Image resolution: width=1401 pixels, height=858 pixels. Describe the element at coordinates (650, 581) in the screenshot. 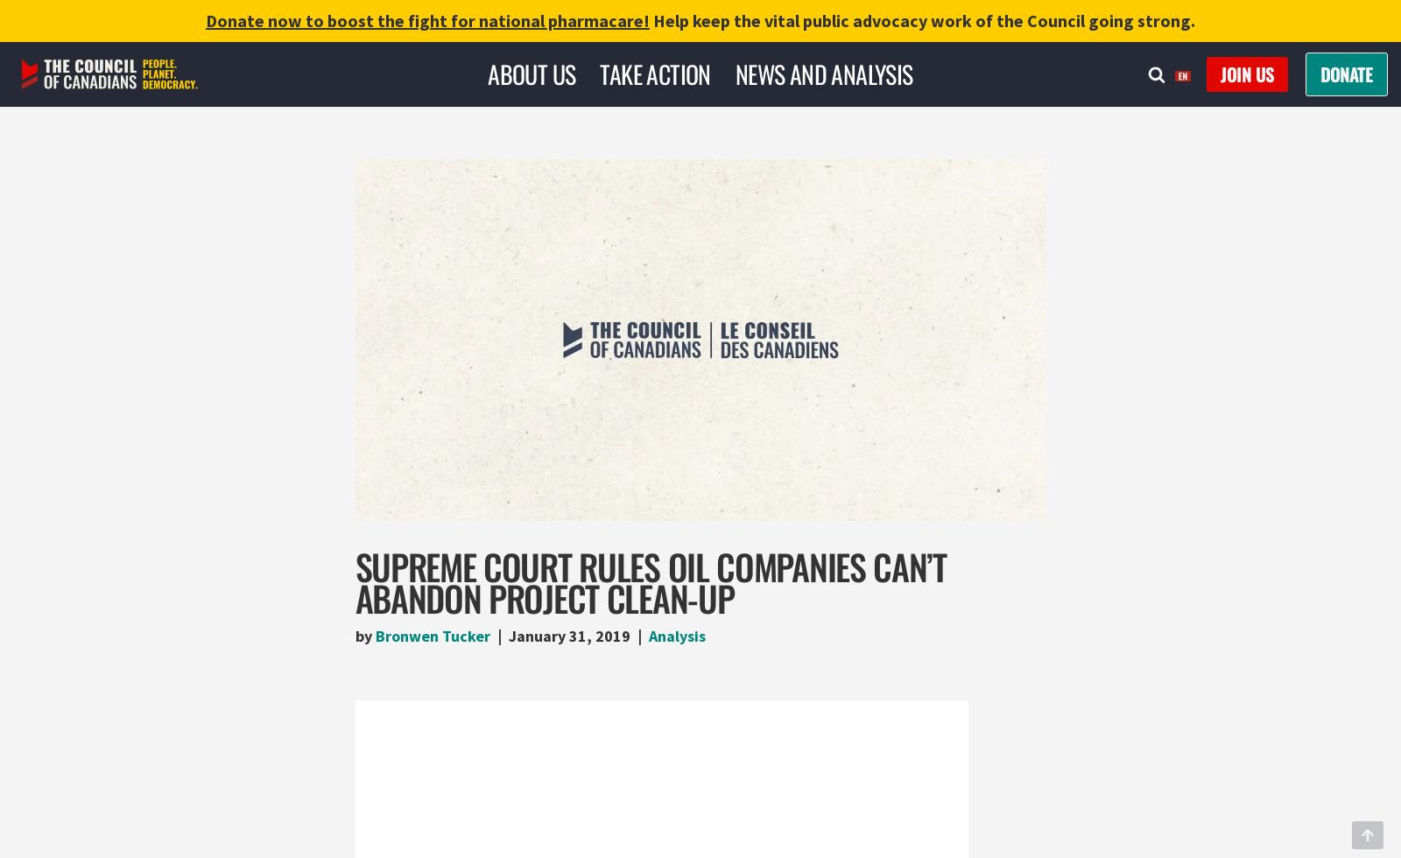

I see `'Supreme Court rules oil companies can’t abandon project clean-up'` at that location.